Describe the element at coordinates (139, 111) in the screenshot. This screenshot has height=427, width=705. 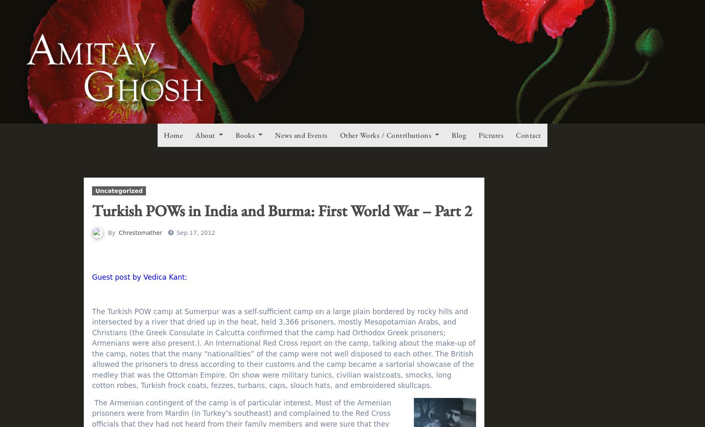
I see `'James Song'` at that location.